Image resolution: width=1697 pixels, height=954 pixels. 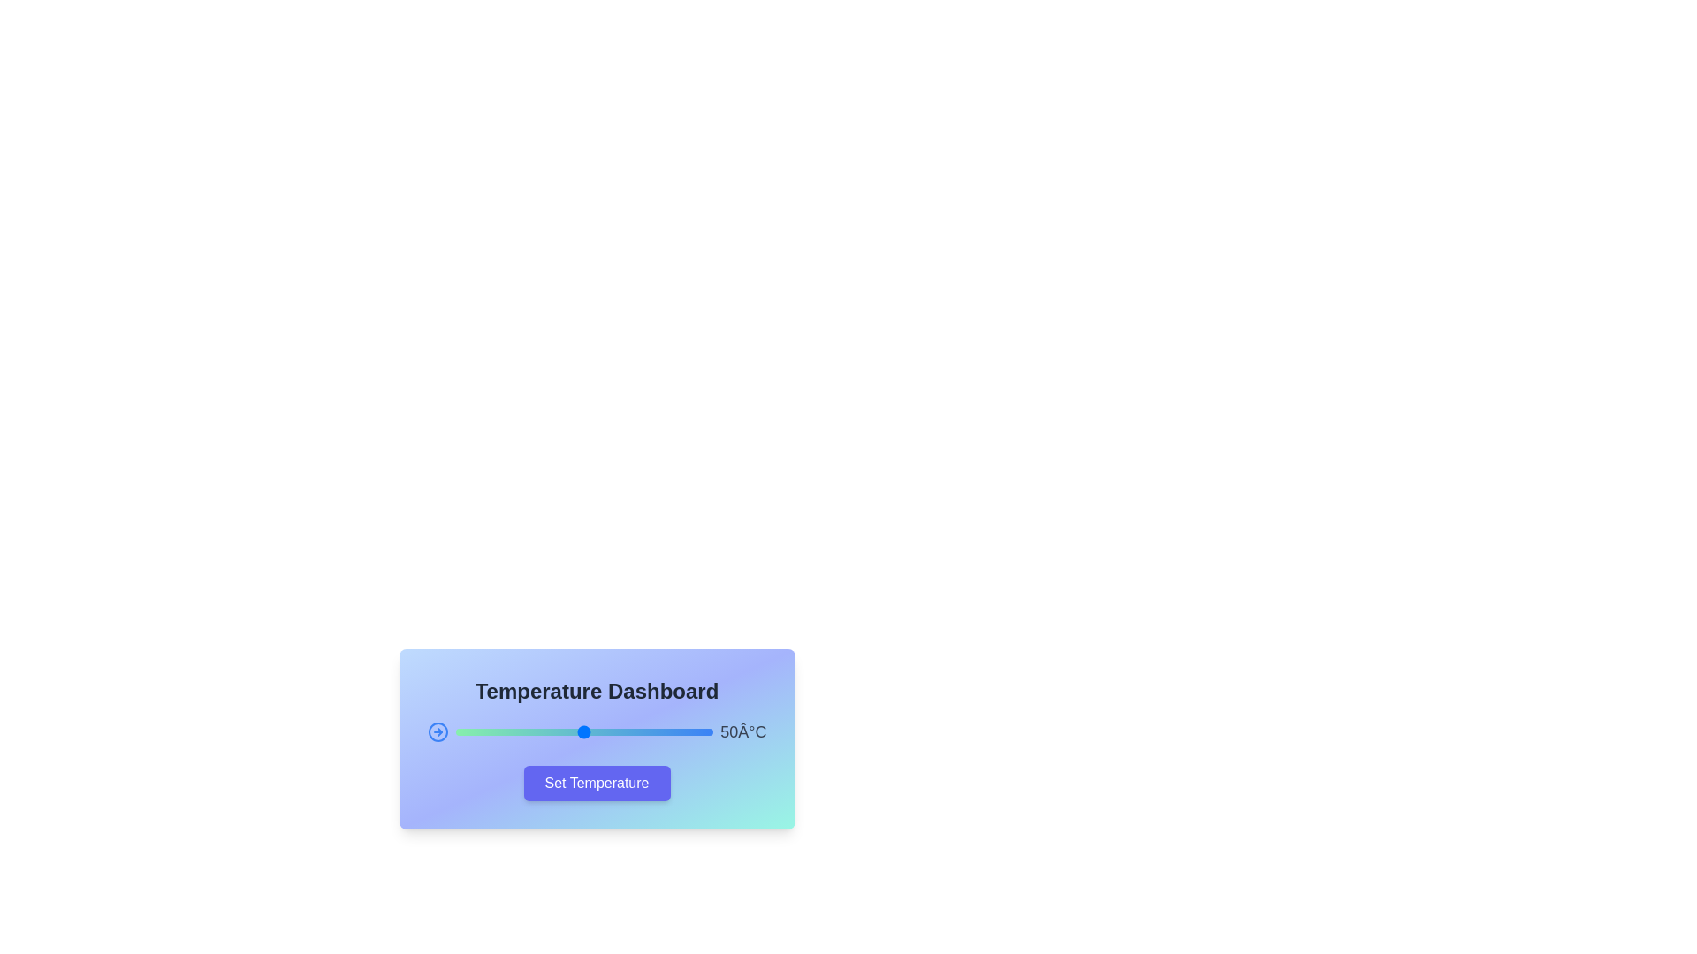 I want to click on the slider to set the temperature to 13°C, so click(x=489, y=732).